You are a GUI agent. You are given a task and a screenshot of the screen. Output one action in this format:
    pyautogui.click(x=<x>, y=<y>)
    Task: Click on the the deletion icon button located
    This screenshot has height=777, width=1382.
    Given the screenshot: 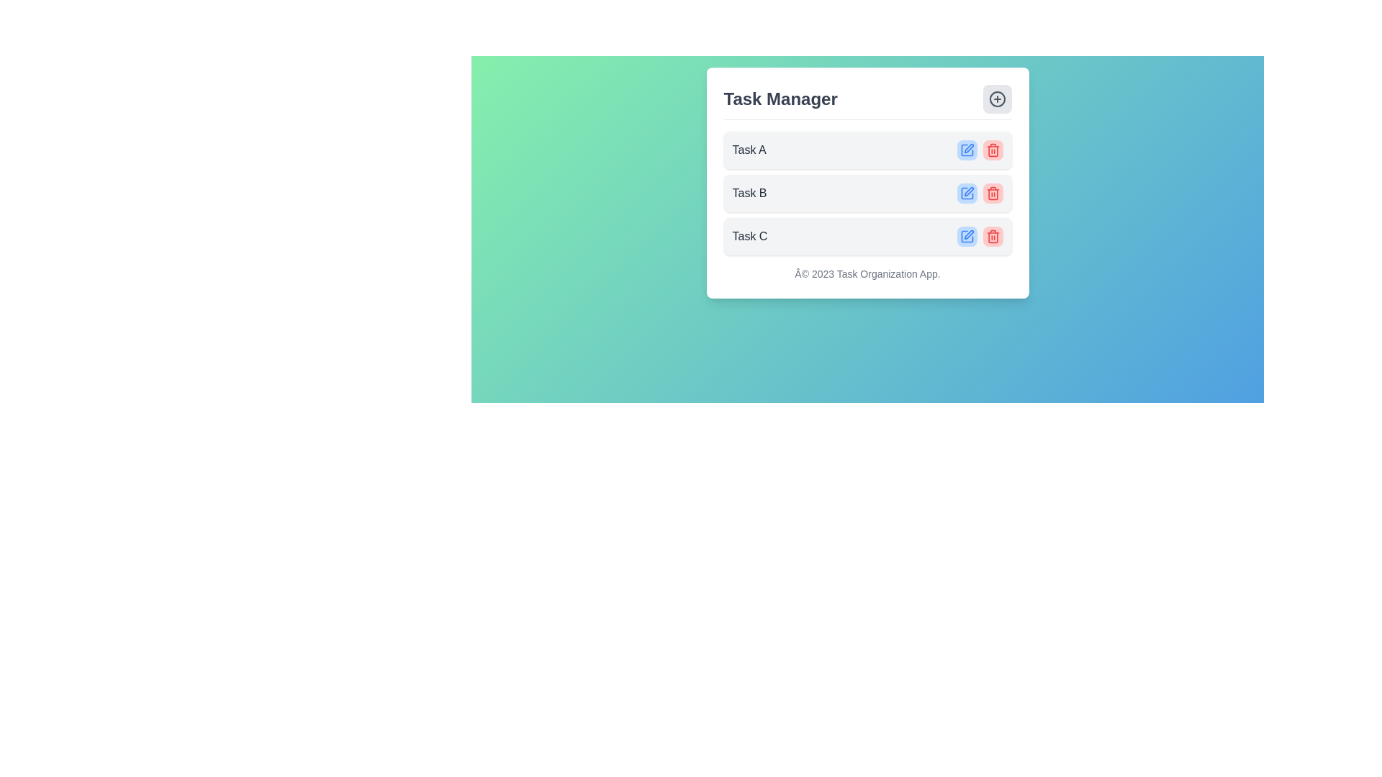 What is the action you would take?
    pyautogui.click(x=992, y=150)
    